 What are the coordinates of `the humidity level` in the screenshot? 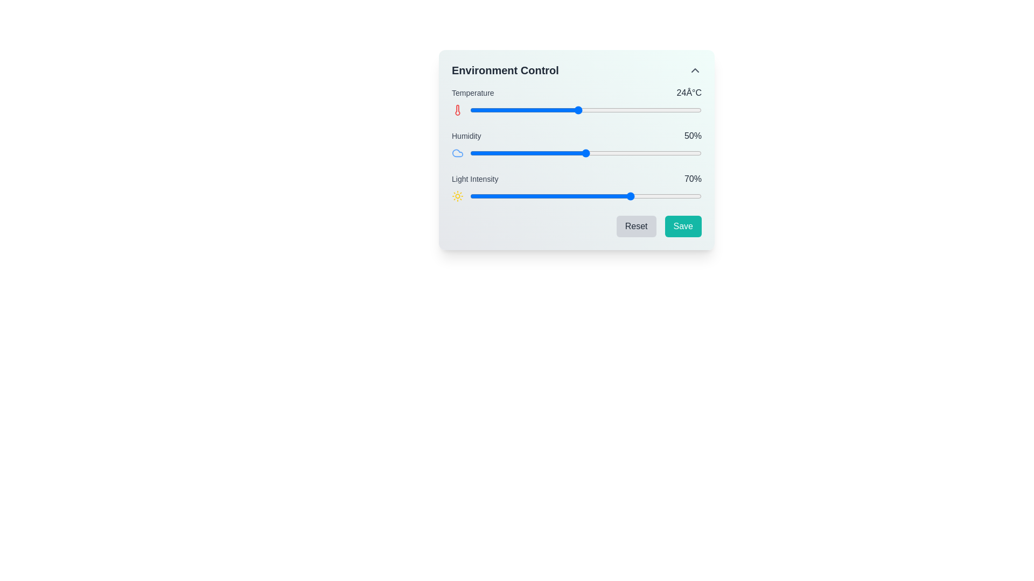 It's located at (479, 153).